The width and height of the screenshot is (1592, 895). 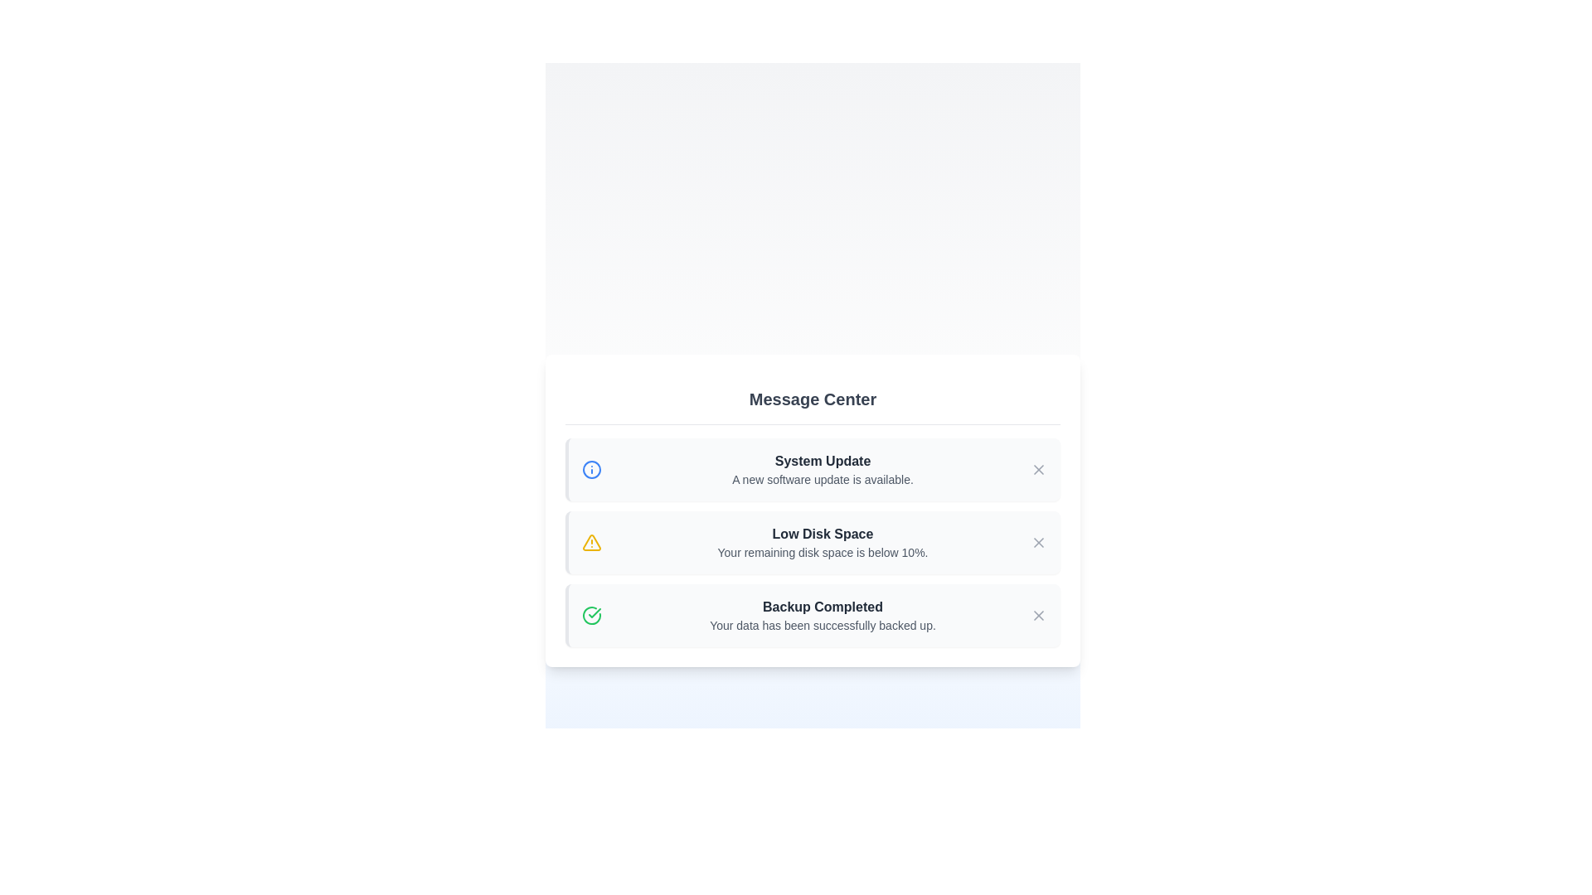 I want to click on the small cross-shaped icon on the right side of the 'Backup Completed' row in the message center table, so click(x=1037, y=615).